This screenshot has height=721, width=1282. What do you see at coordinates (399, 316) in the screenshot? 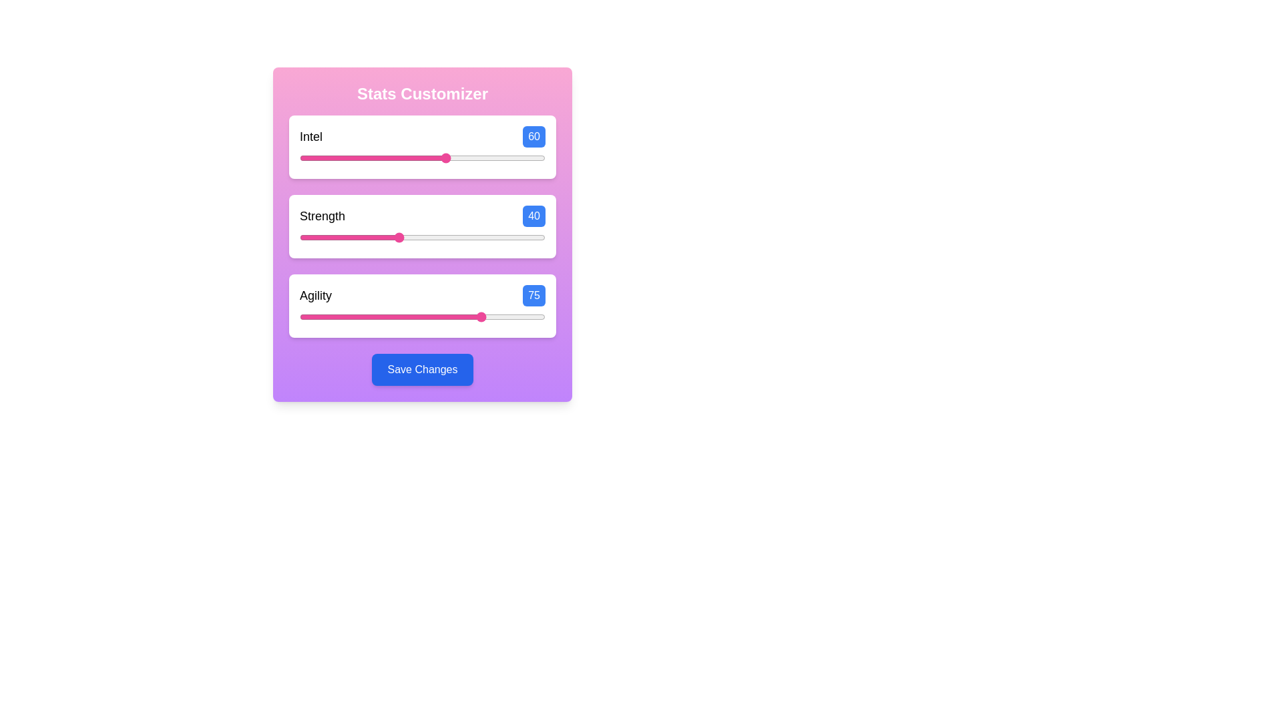
I see `the agility value` at bounding box center [399, 316].